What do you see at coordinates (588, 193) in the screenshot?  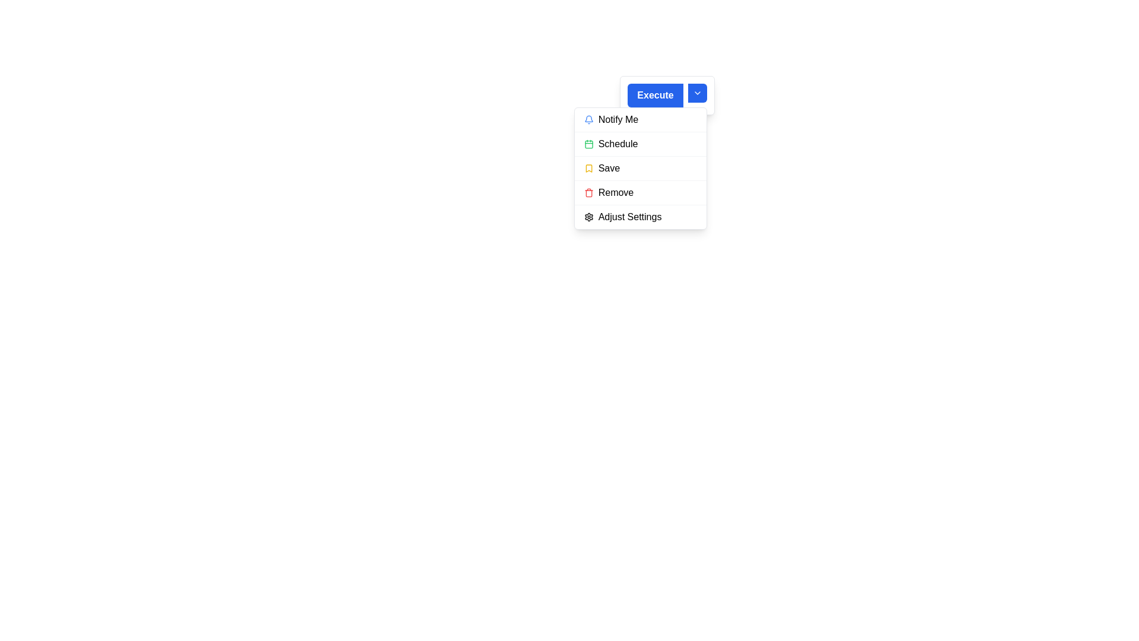 I see `the trash can icon in the dropdown menu, which signifies a 'Delete' or 'Remove' action` at bounding box center [588, 193].